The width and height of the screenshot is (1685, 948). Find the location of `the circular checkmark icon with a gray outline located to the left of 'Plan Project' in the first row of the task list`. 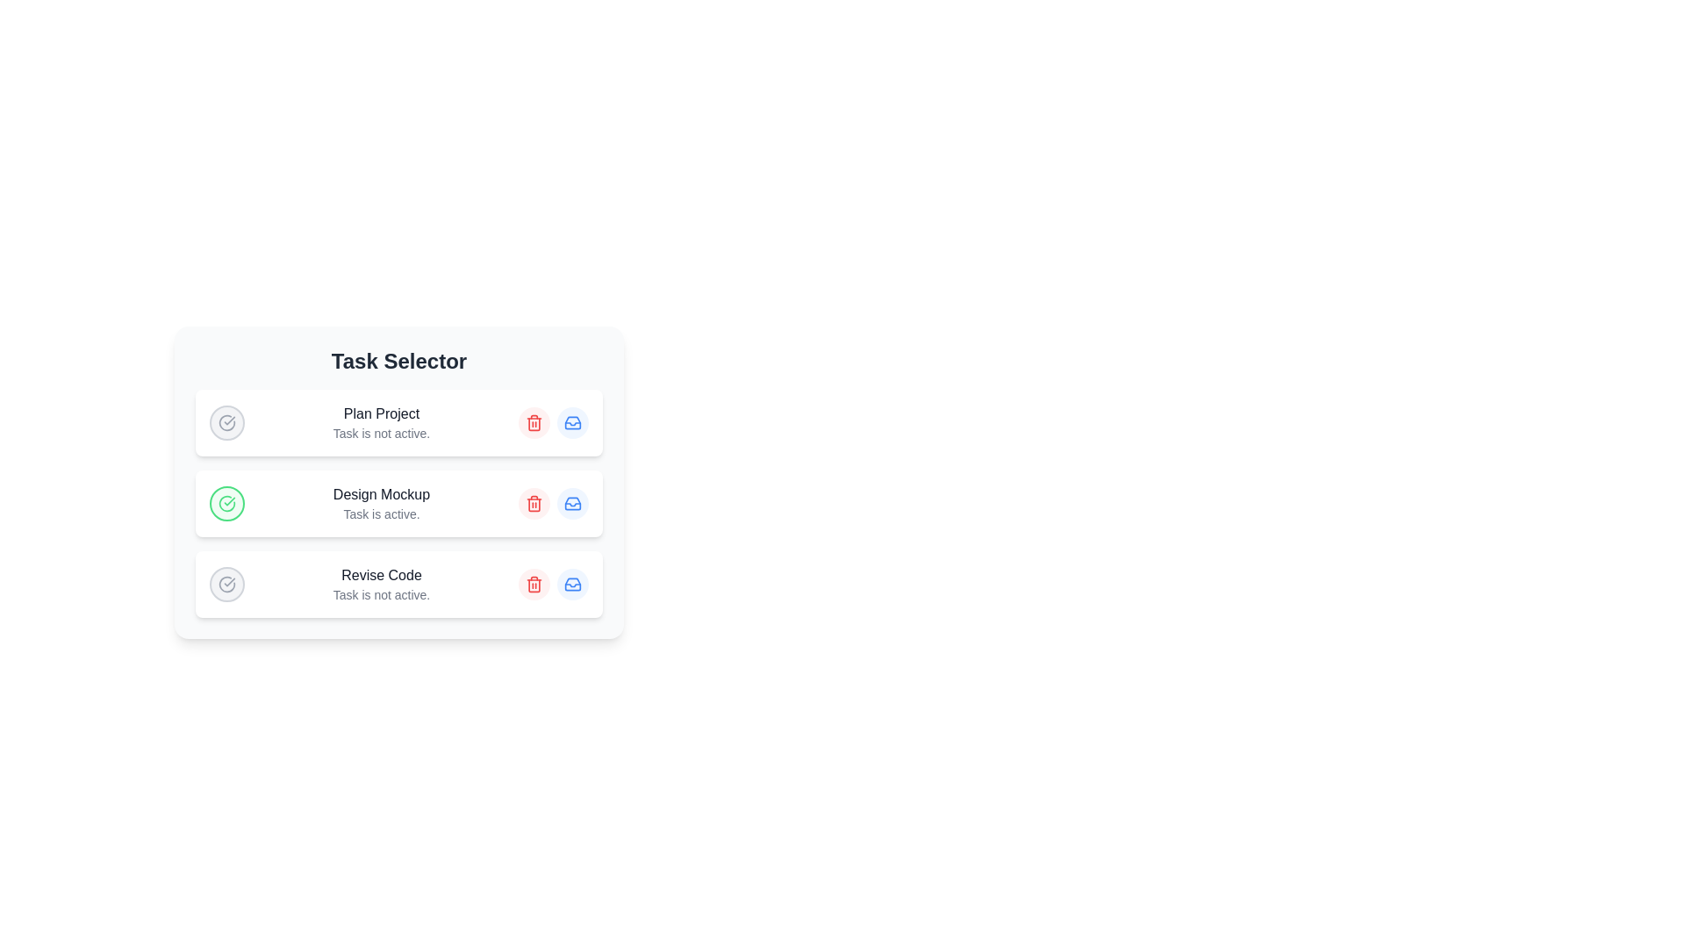

the circular checkmark icon with a gray outline located to the left of 'Plan Project' in the first row of the task list is located at coordinates (226, 585).